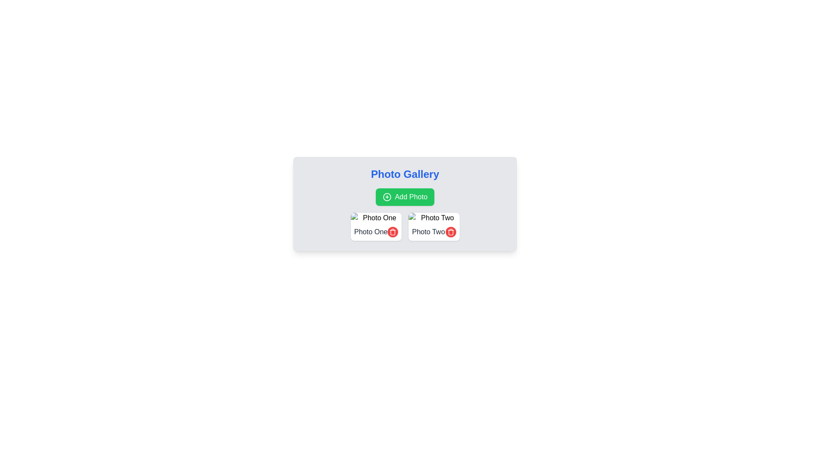 This screenshot has height=472, width=839. What do you see at coordinates (404, 197) in the screenshot?
I see `the 'Add Photo' button, which has a green background and white text` at bounding box center [404, 197].